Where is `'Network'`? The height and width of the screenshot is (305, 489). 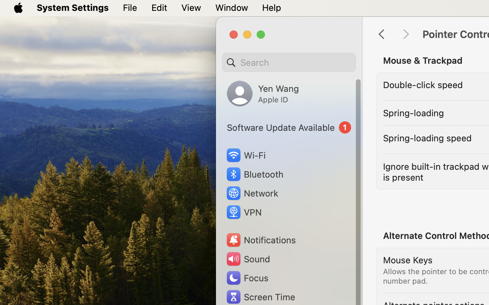 'Network' is located at coordinates (252, 193).